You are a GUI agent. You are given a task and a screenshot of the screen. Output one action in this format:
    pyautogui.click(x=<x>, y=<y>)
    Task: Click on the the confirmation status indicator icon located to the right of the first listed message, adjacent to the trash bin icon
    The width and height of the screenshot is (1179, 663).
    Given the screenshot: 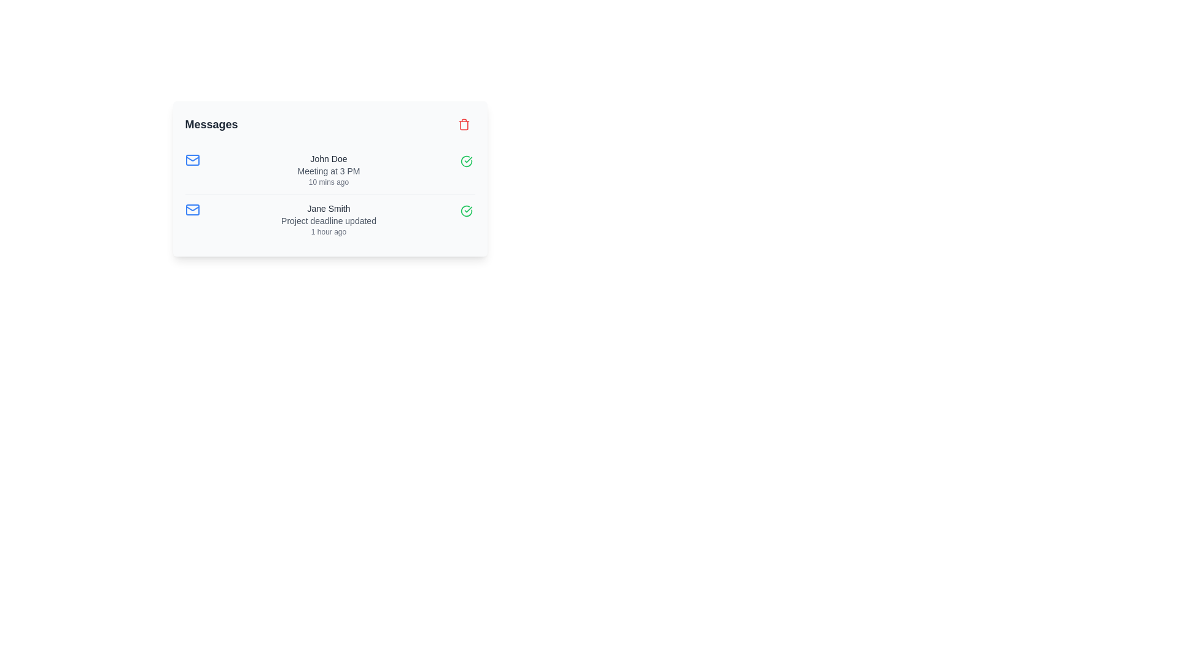 What is the action you would take?
    pyautogui.click(x=465, y=160)
    